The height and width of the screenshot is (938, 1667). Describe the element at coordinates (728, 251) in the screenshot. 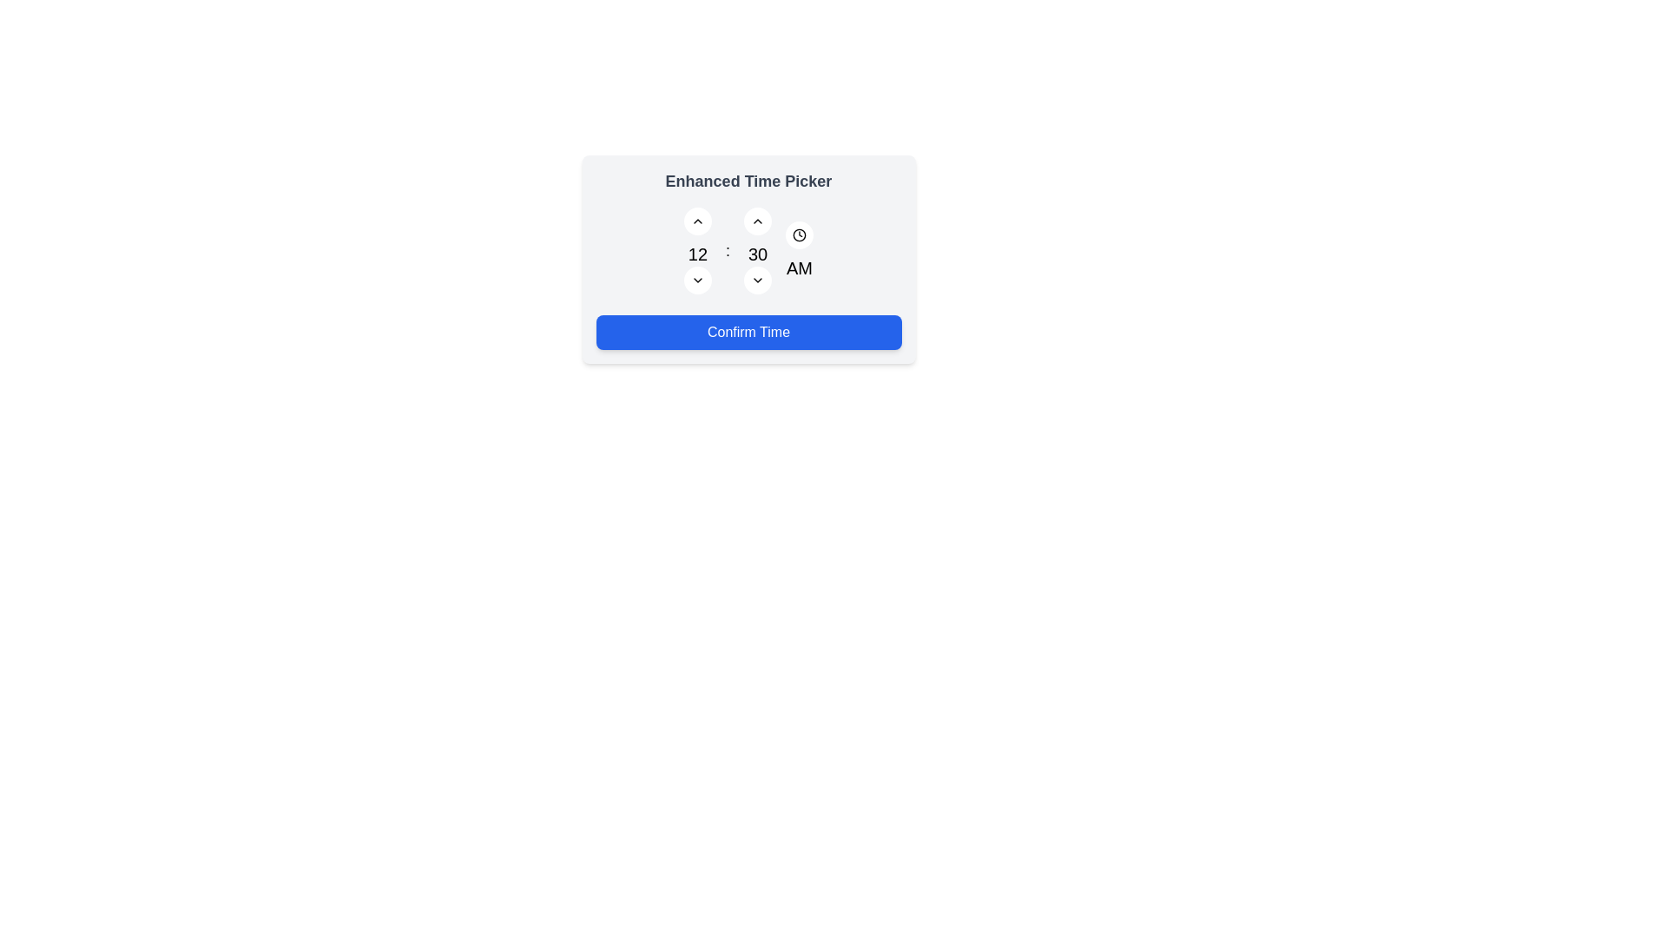

I see `the colon separator element located in the center of the time display, between the hour and minute selectors` at that location.